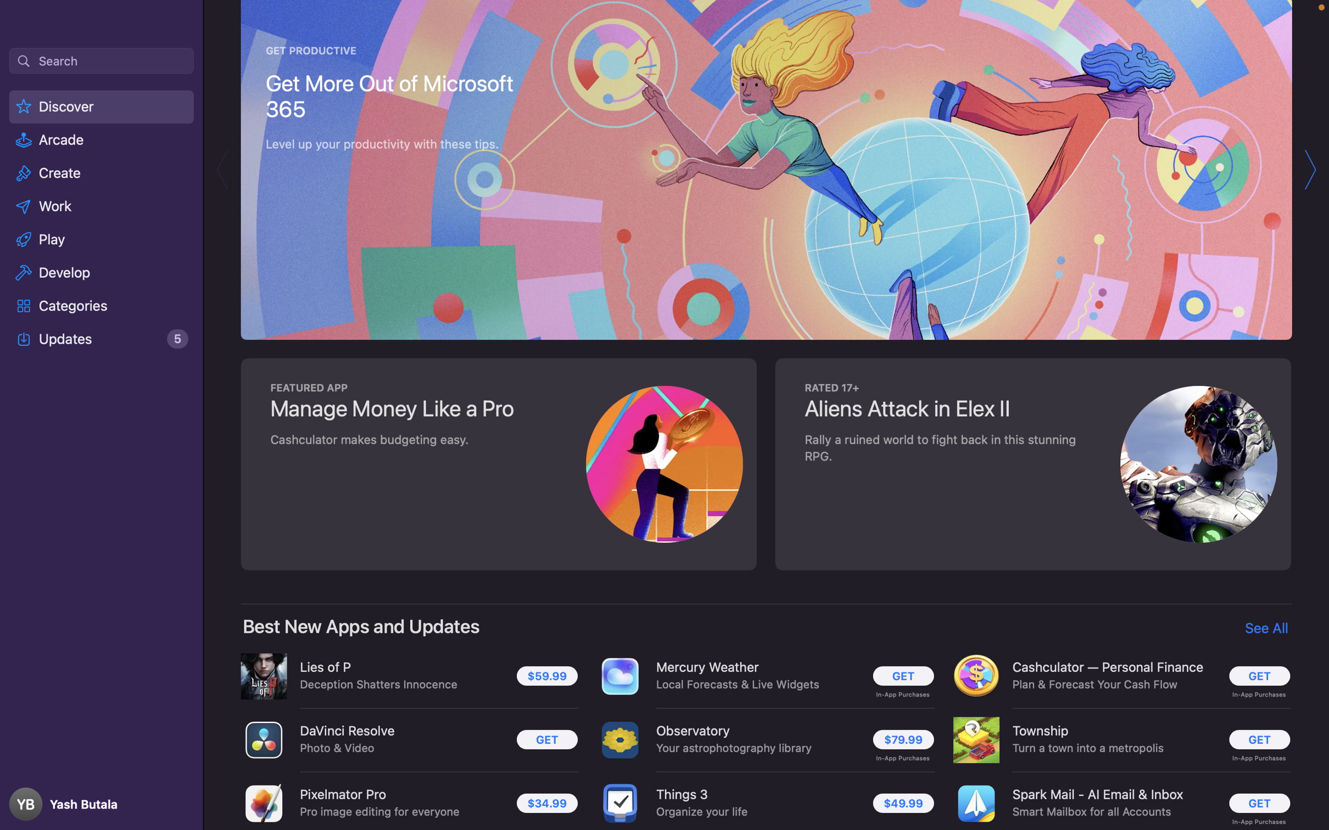  I want to click on Navigate and select the "Updates" section, so click(102, 339).